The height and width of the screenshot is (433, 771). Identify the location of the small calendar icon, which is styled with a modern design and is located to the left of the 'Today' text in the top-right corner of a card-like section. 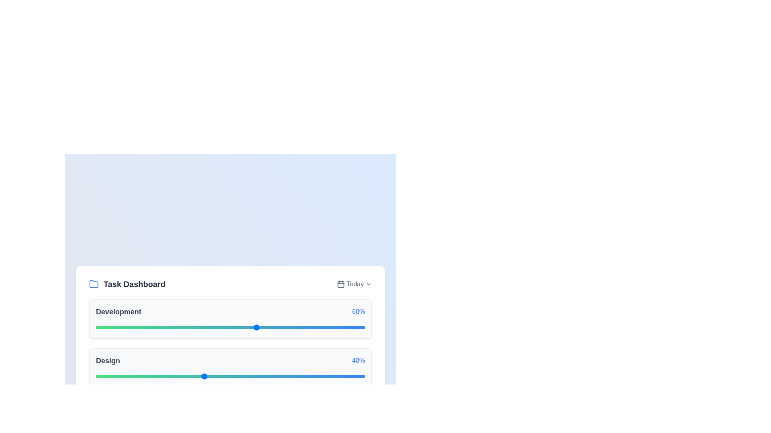
(341, 284).